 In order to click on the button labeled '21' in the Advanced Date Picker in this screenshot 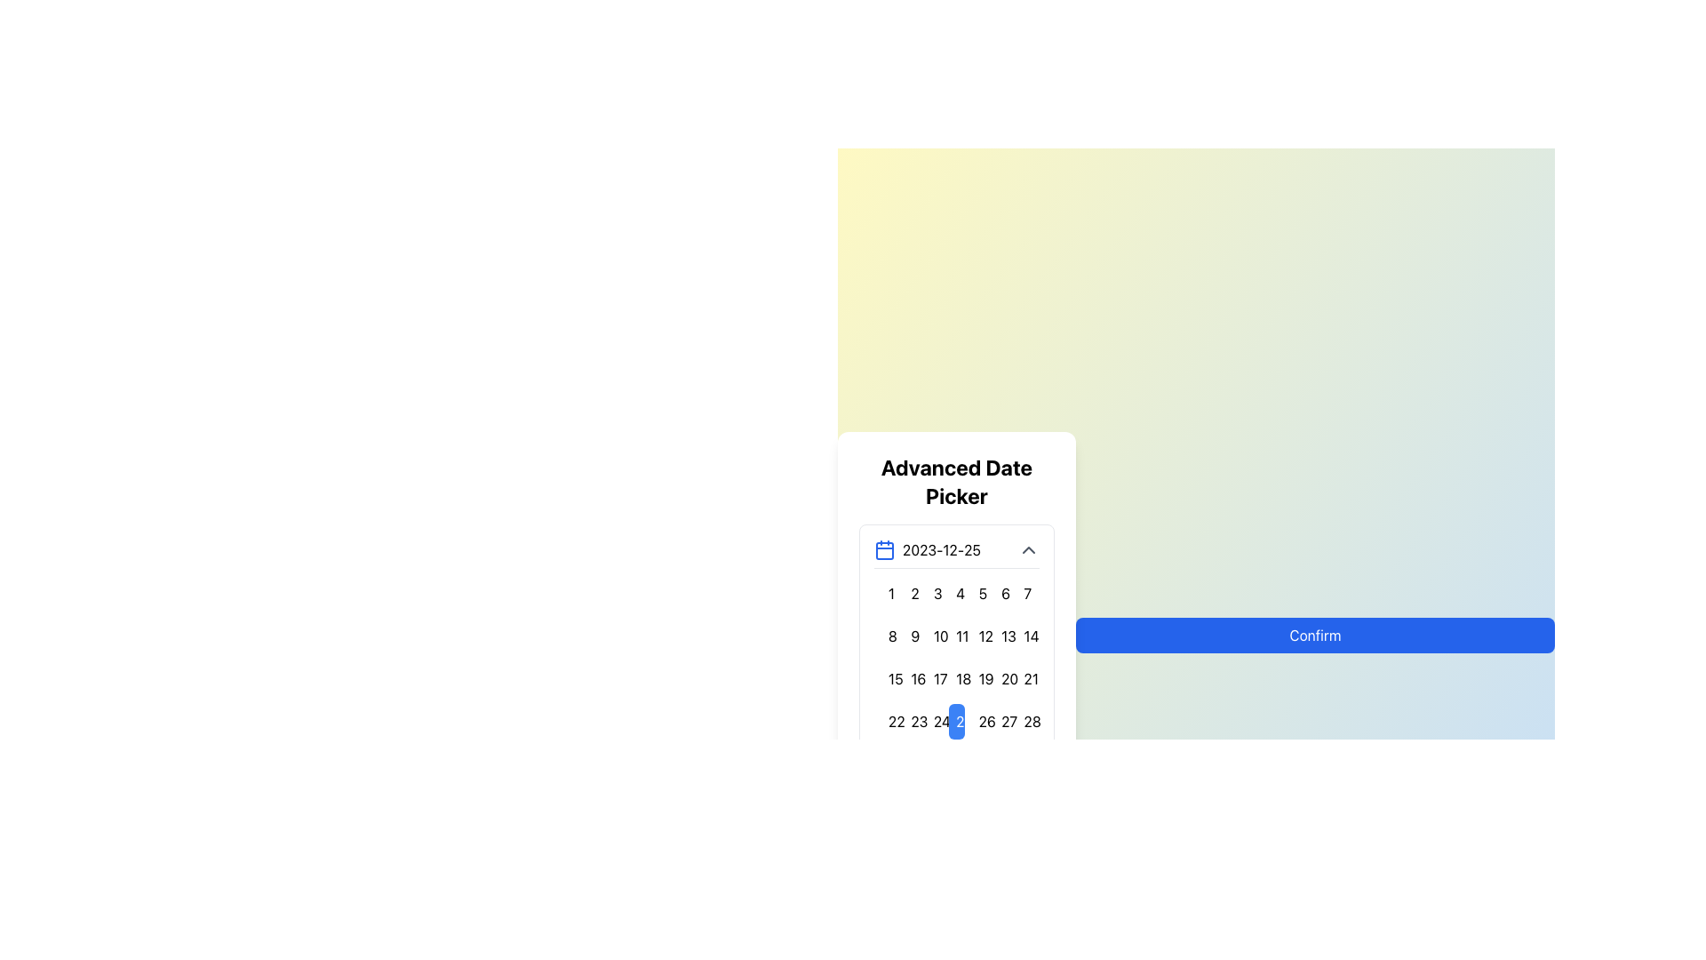, I will do `click(1024, 678)`.